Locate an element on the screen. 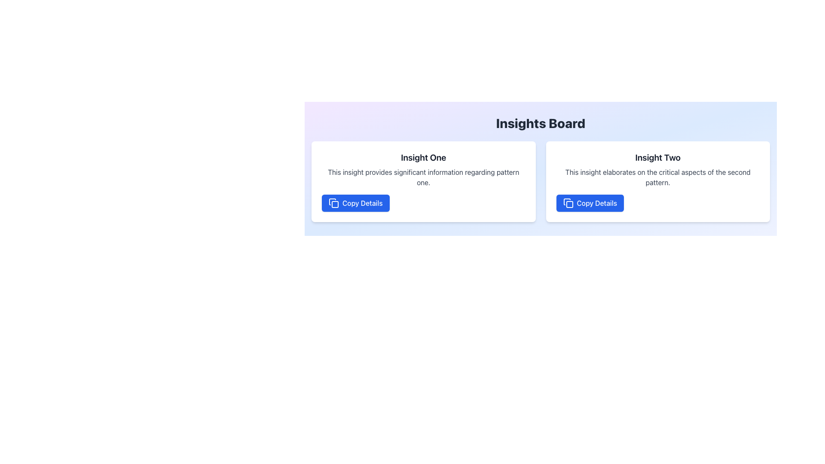 This screenshot has height=464, width=825. textual content of the Information card located in the first column, horizontally aligned to the left of the second card titled 'Insight Two' is located at coordinates (423, 181).